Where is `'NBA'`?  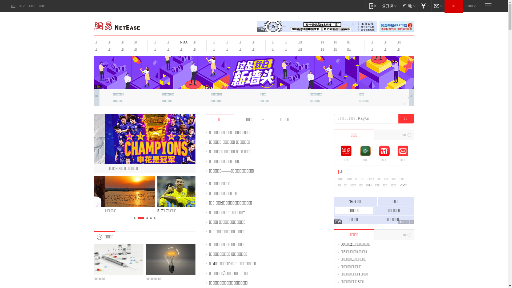
'NBA' is located at coordinates (177, 42).